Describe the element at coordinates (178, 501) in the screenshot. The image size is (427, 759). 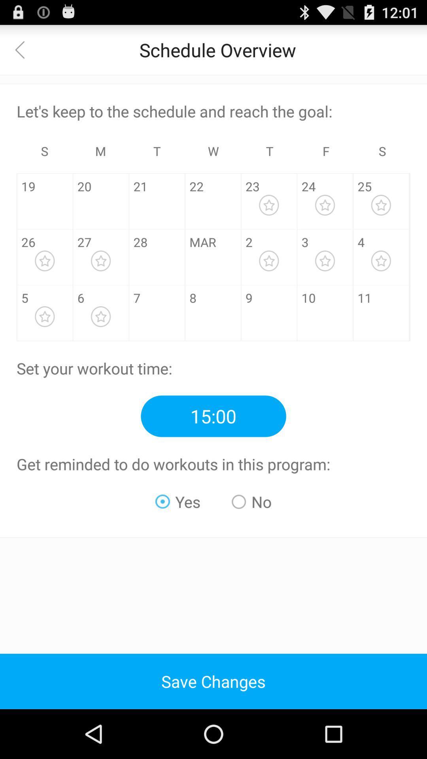
I see `the radio button next to the no radio button` at that location.